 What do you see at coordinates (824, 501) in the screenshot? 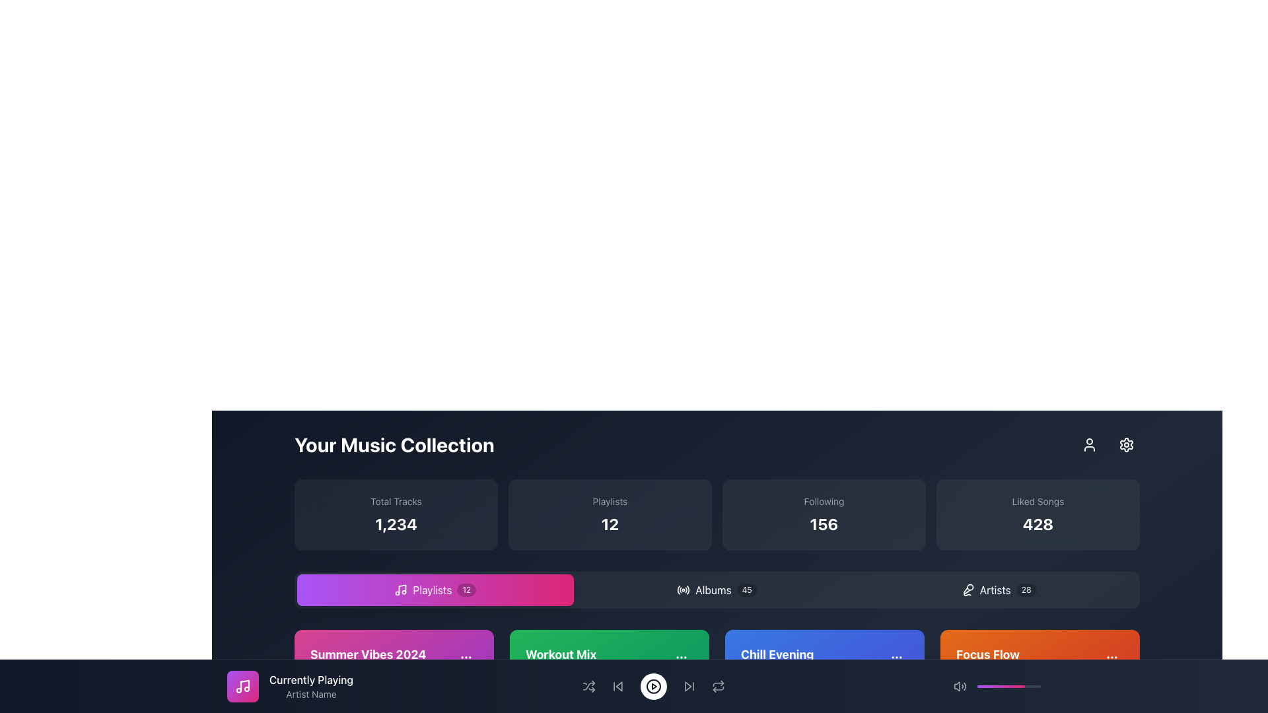
I see `the 'Following' text label displayed in a small, light-gray font at the top of the card with rounded edges and a semi-transparent dark background` at bounding box center [824, 501].